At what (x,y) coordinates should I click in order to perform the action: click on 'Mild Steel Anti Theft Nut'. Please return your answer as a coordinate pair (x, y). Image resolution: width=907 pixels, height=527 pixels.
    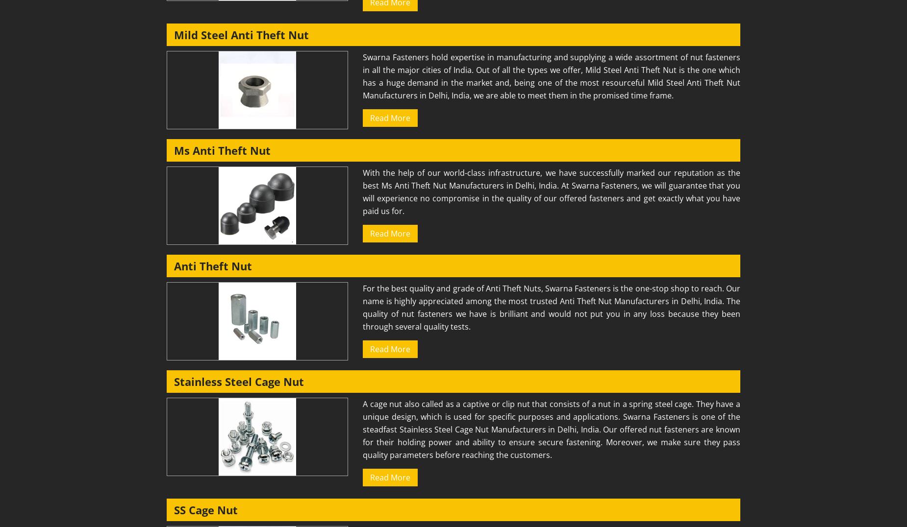
    Looking at the image, I should click on (241, 35).